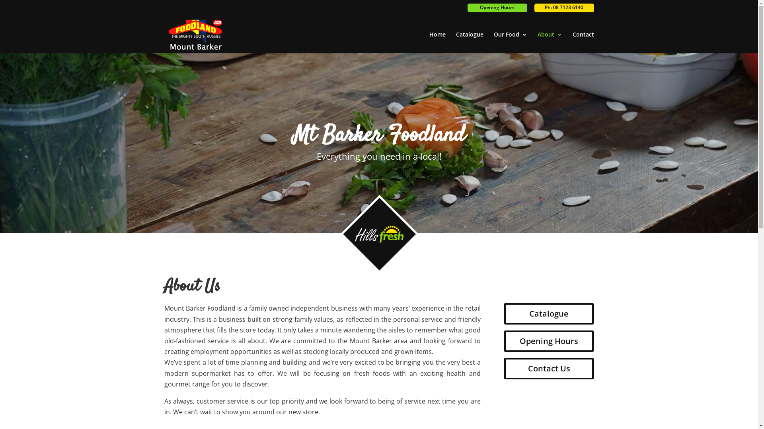  I want to click on 'Catalogue', so click(470, 43).